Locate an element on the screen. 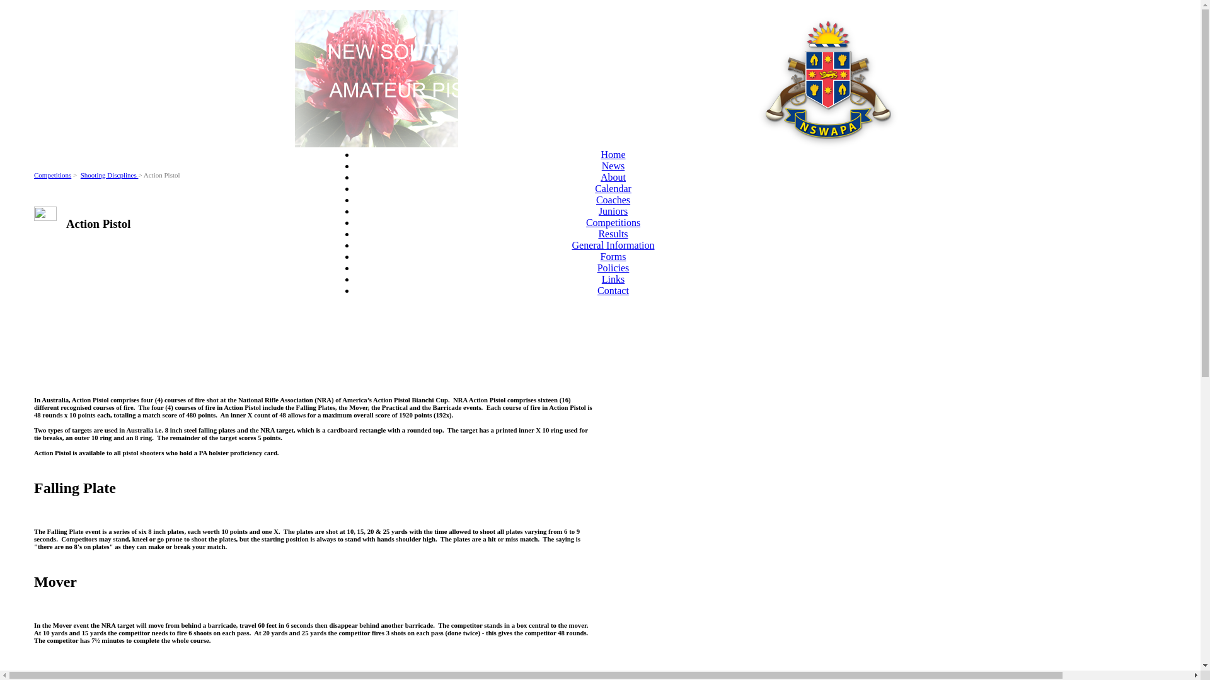 The height and width of the screenshot is (680, 1210). 'Juniors' is located at coordinates (598, 210).